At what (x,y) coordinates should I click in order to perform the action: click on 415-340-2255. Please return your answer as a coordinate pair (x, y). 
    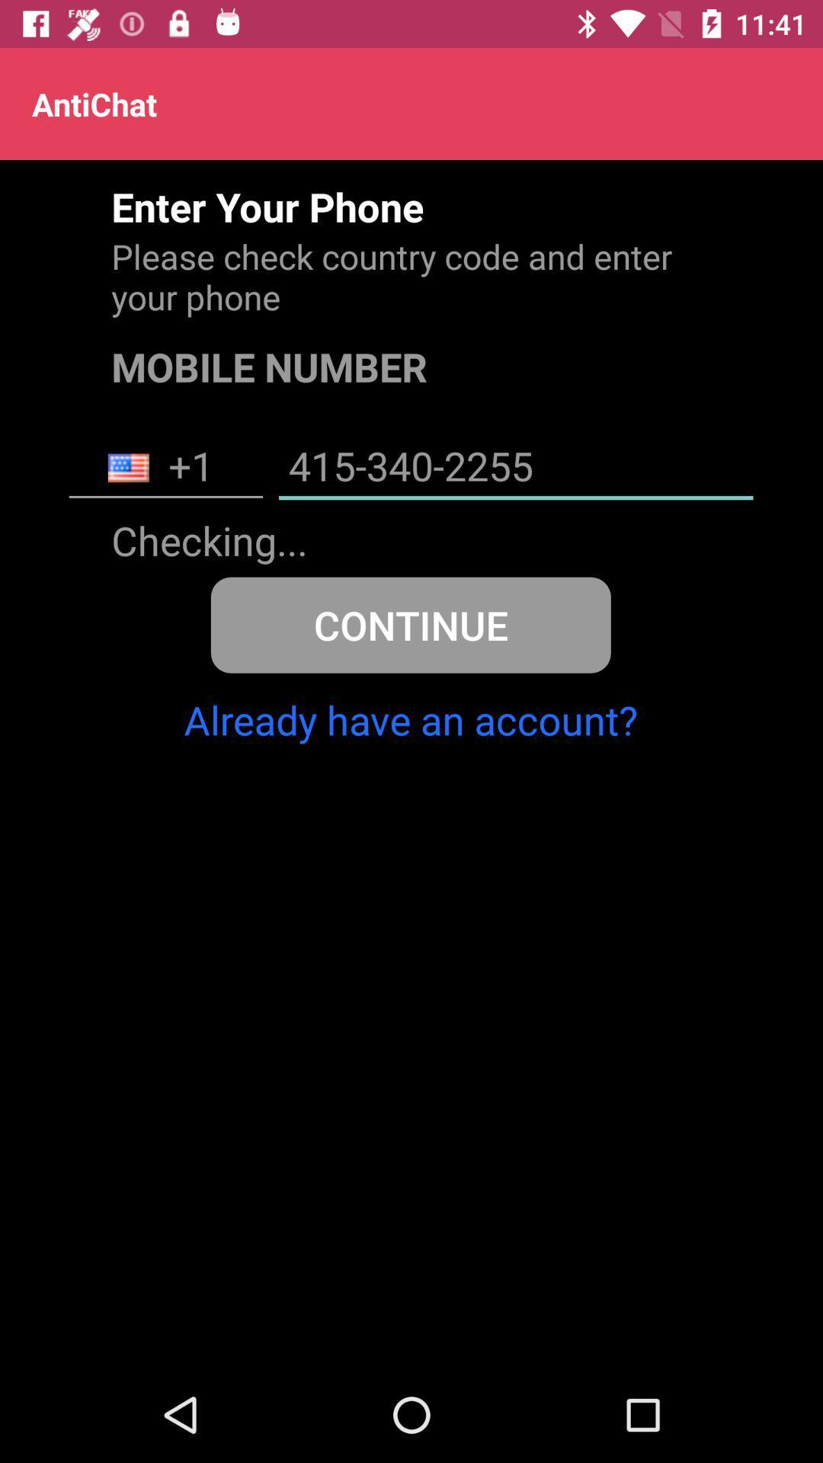
    Looking at the image, I should click on (515, 467).